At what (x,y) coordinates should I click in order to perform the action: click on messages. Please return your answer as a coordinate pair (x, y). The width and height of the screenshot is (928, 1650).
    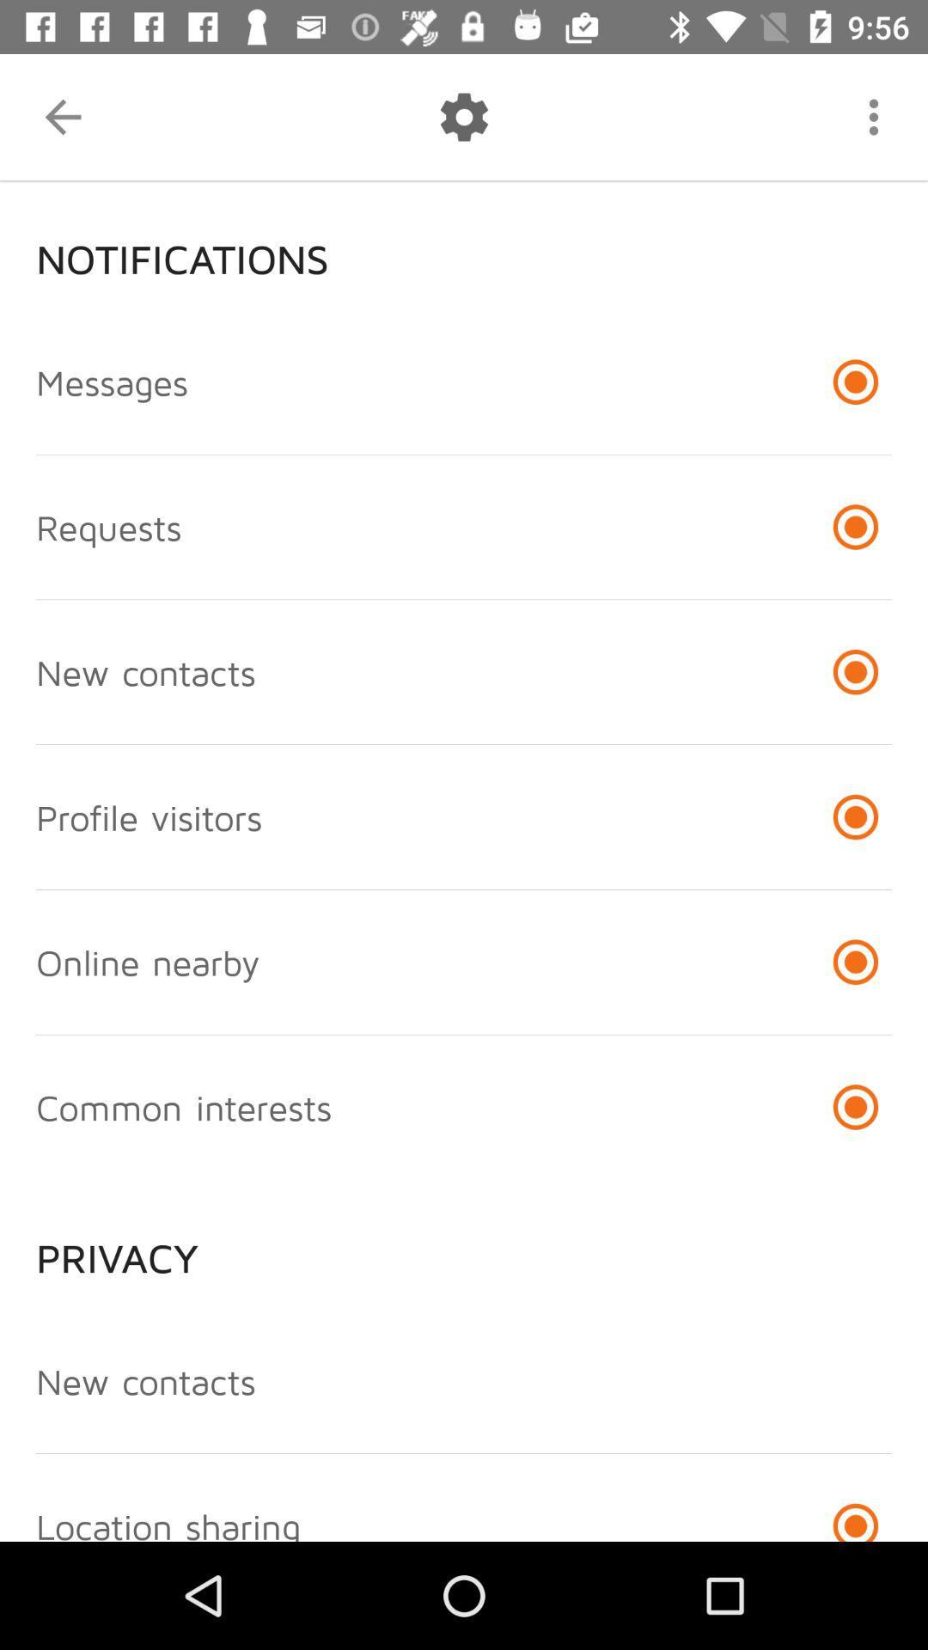
    Looking at the image, I should click on (112, 381).